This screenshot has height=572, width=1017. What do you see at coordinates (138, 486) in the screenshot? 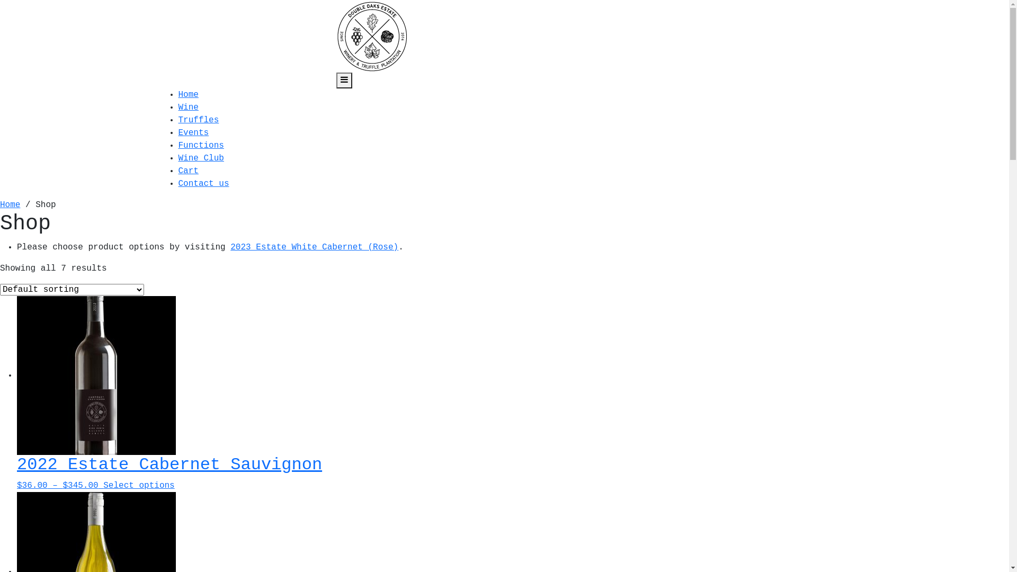
I see `'Select options'` at bounding box center [138, 486].